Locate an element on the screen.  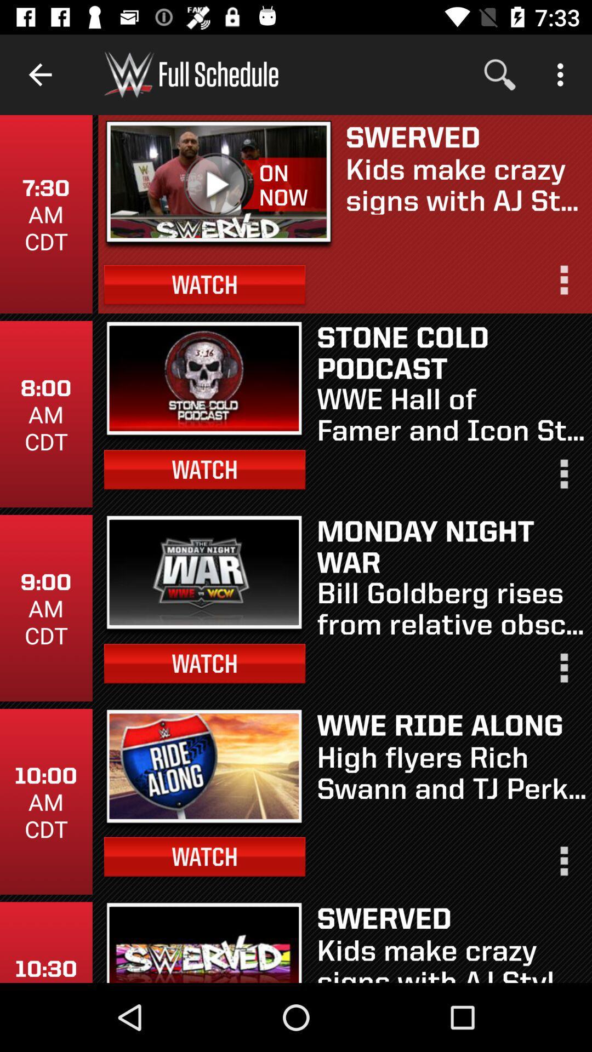
wwe ride along is located at coordinates (451, 725).